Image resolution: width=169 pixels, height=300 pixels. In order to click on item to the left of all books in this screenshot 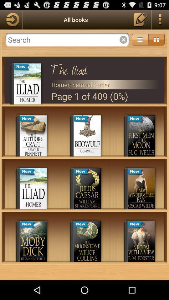, I will do `click(11, 19)`.